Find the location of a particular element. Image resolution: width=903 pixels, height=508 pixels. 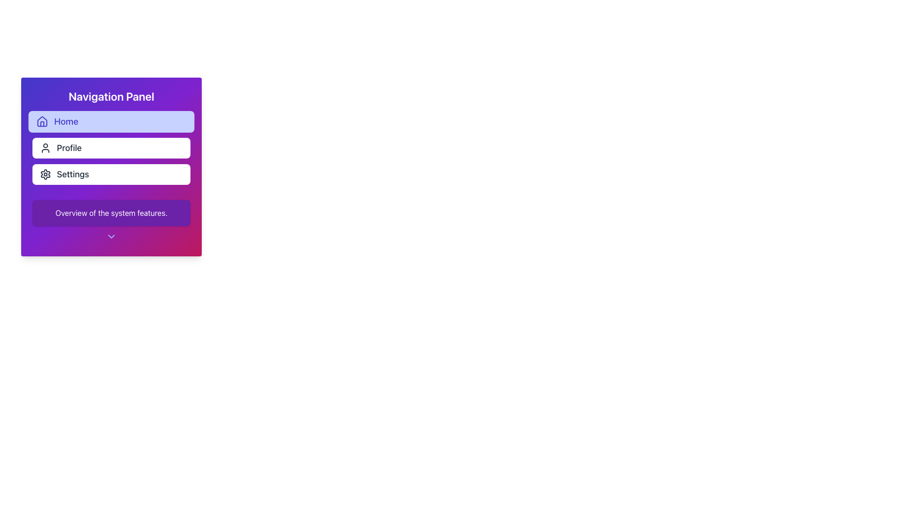

the vibrant red gear-shaped icon representing the Settings option in the navigation panel, positioned below the Profile option and above the Overview button is located at coordinates (45, 174).